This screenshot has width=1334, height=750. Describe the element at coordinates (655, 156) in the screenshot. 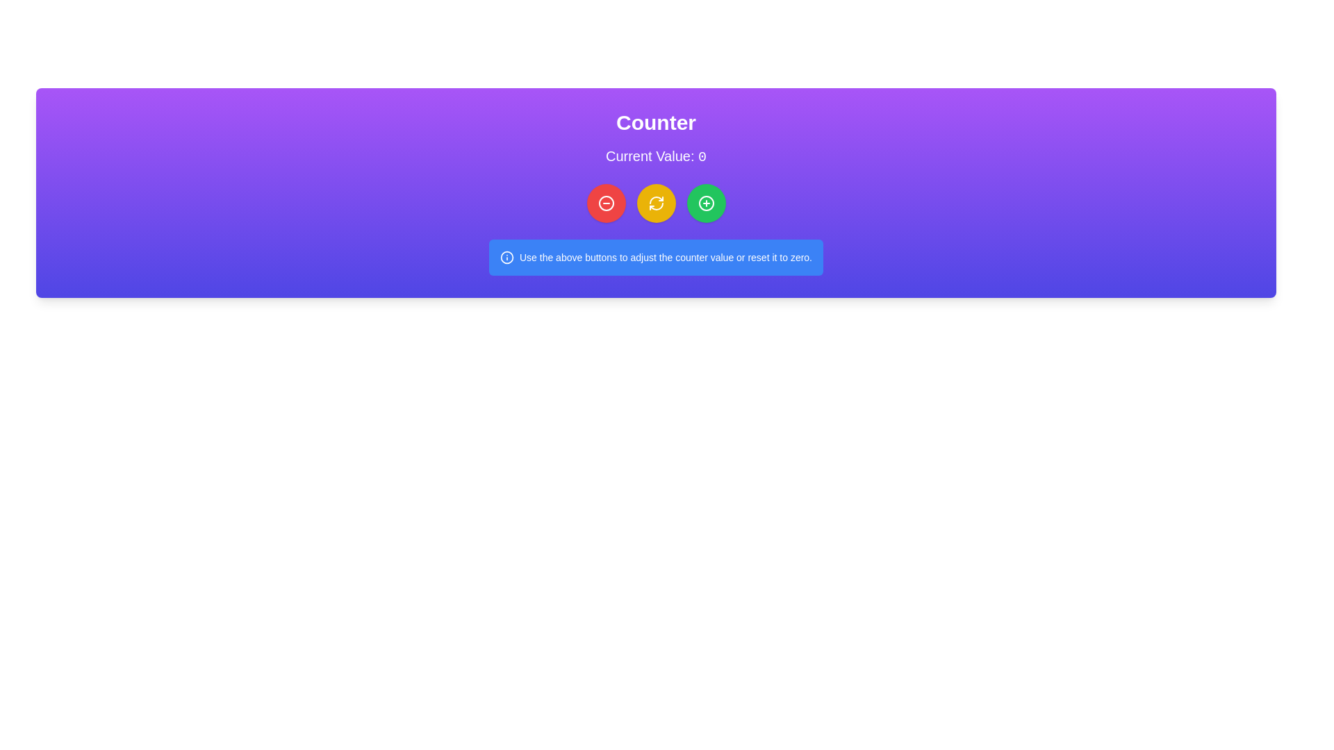

I see `the Text label that displays the current numerical value of the counter, located beneath the title 'Counter' and above a row of three circular buttons` at that location.